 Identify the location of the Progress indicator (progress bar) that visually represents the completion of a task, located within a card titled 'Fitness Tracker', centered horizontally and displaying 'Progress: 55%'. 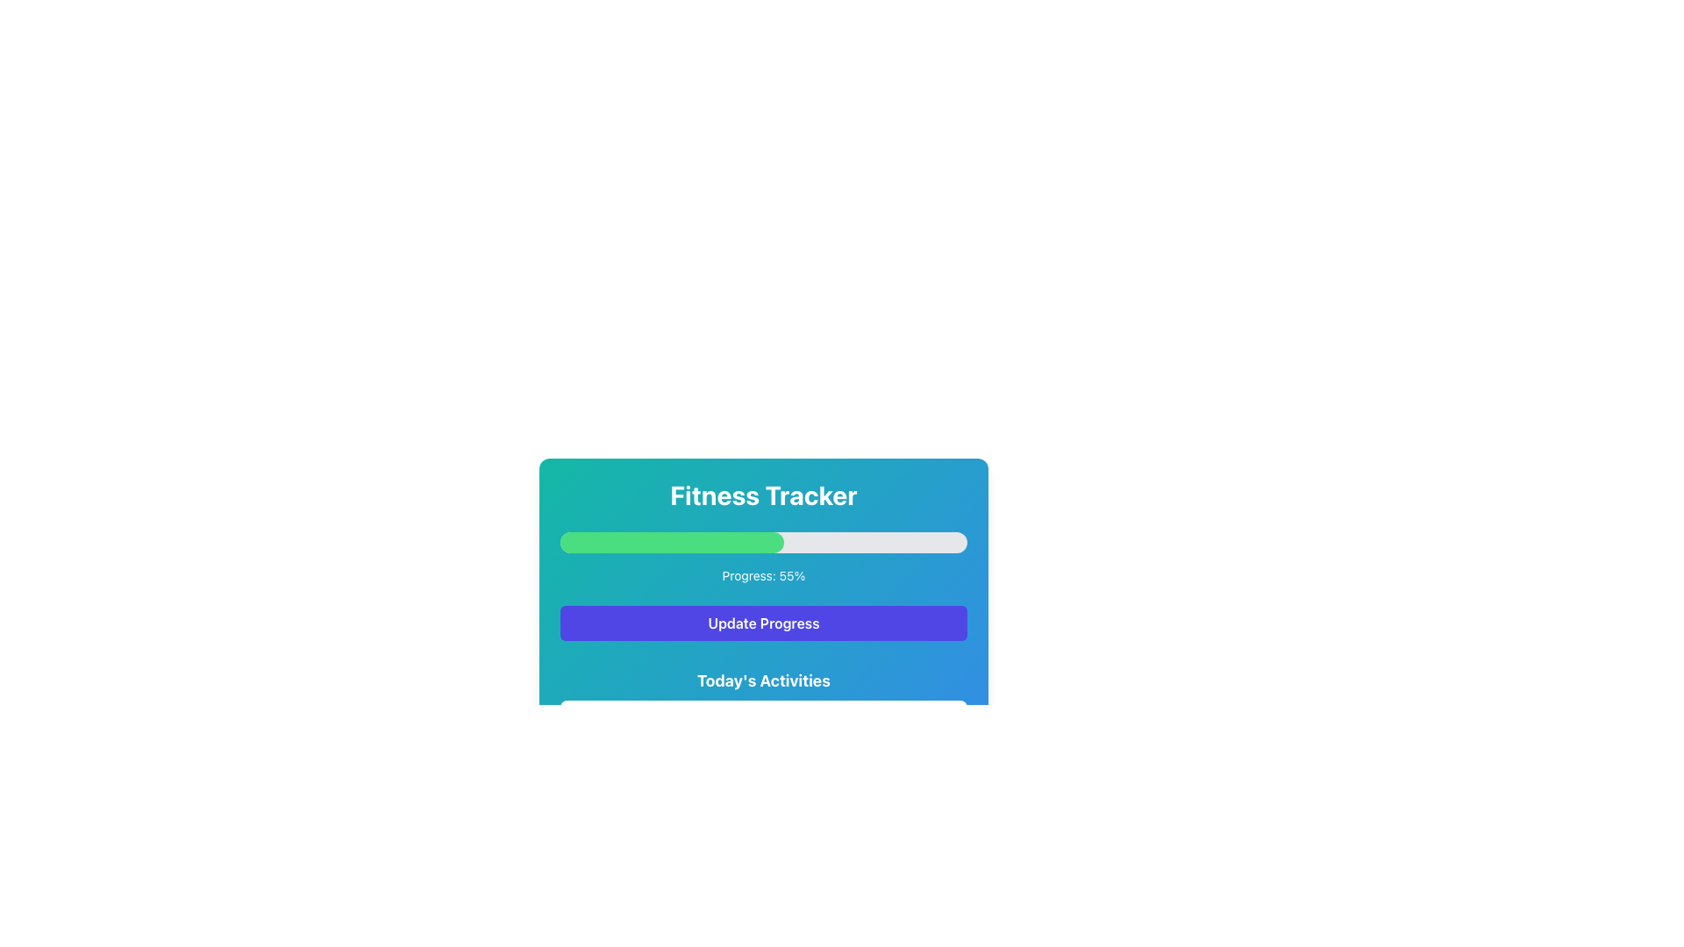
(671, 541).